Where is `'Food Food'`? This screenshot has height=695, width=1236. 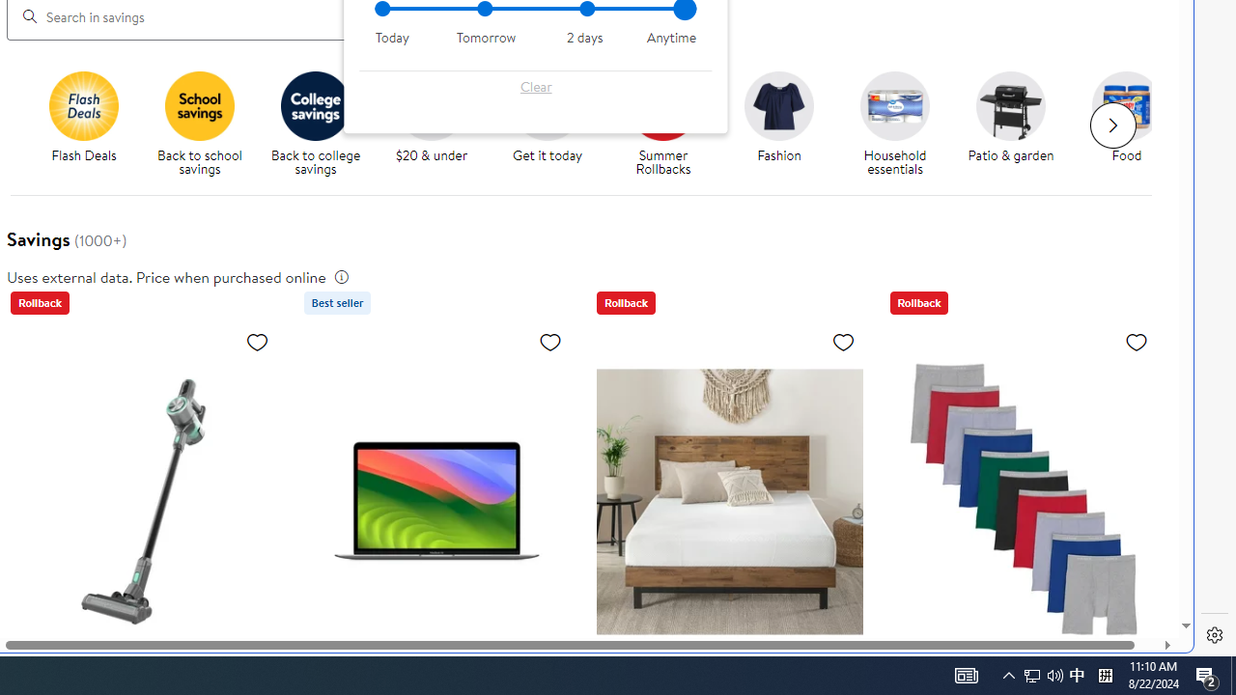
'Food Food' is located at coordinates (1126, 118).